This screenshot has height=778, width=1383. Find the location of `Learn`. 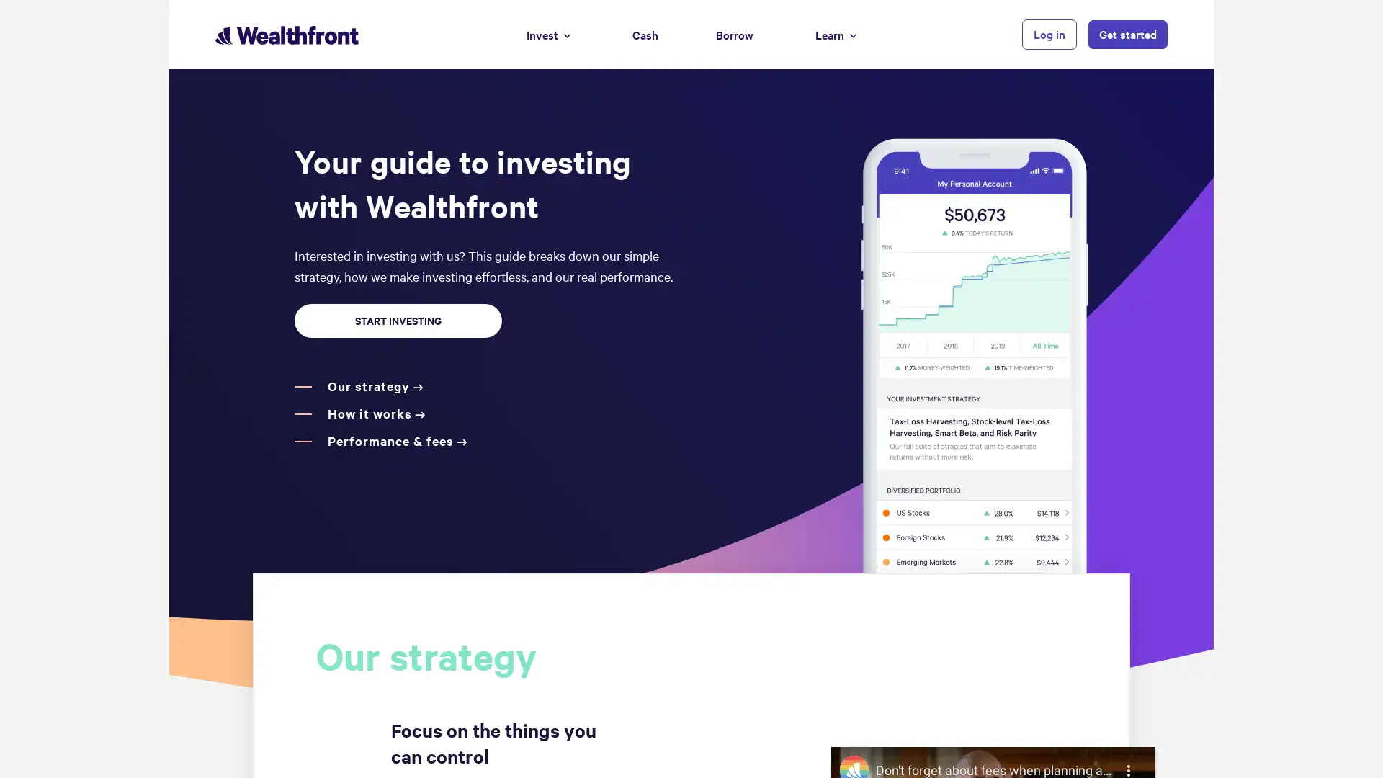

Learn is located at coordinates (836, 33).